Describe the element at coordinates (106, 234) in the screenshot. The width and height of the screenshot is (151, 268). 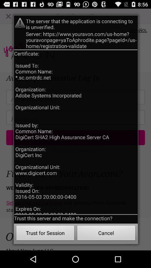
I see `icon next to trust for session icon` at that location.